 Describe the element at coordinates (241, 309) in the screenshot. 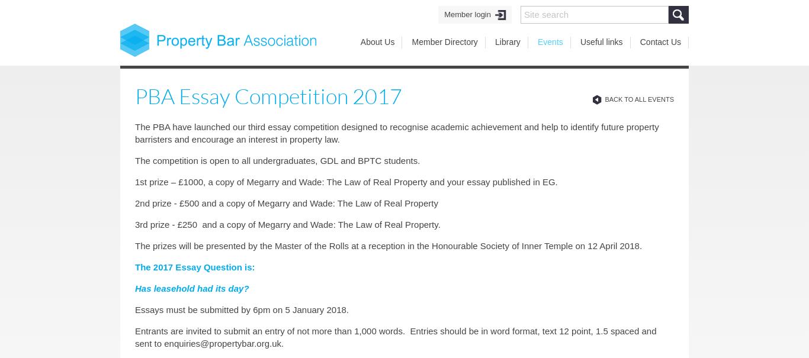

I see `'Essays must be submitted by 6pm on 5 January 2018.'` at that location.